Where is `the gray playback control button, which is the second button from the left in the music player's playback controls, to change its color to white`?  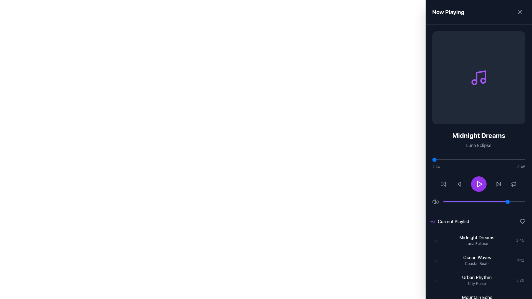
the gray playback control button, which is the second button from the left in the music player's playback controls, to change its color to white is located at coordinates (459, 184).